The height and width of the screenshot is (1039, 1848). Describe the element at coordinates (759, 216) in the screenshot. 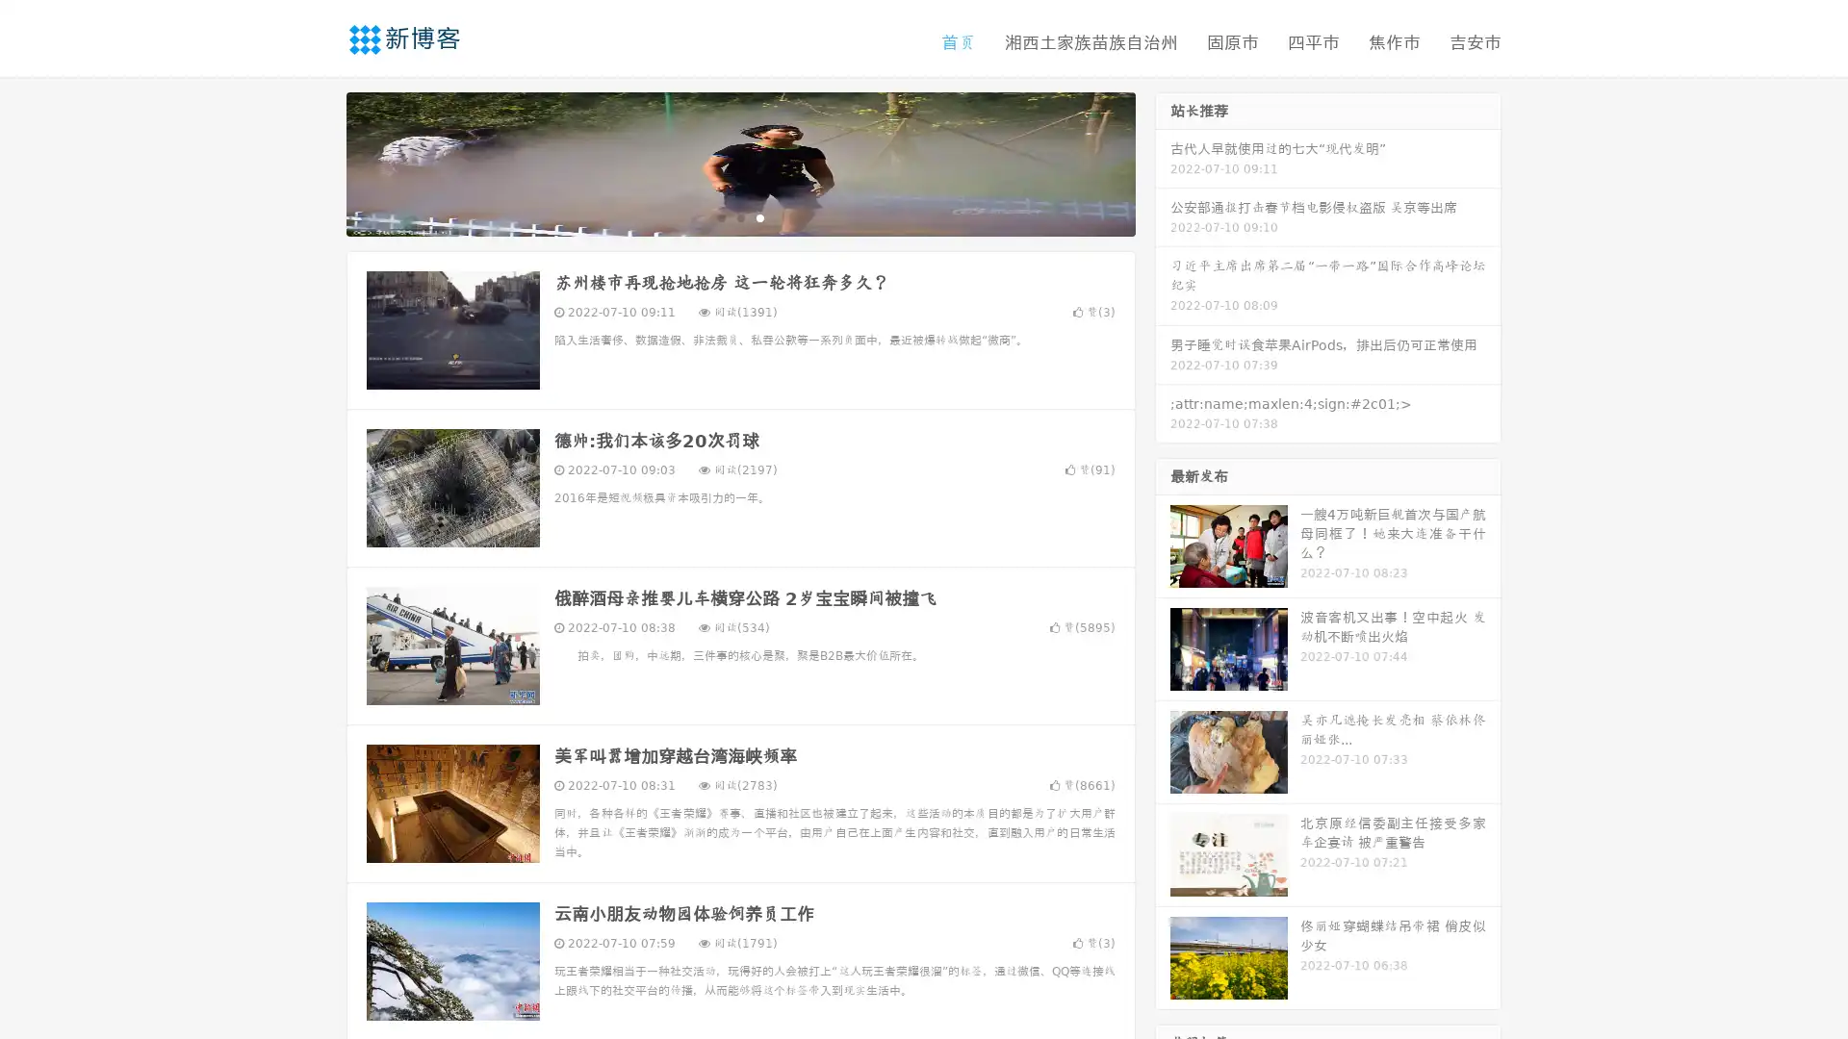

I see `Go to slide 3` at that location.